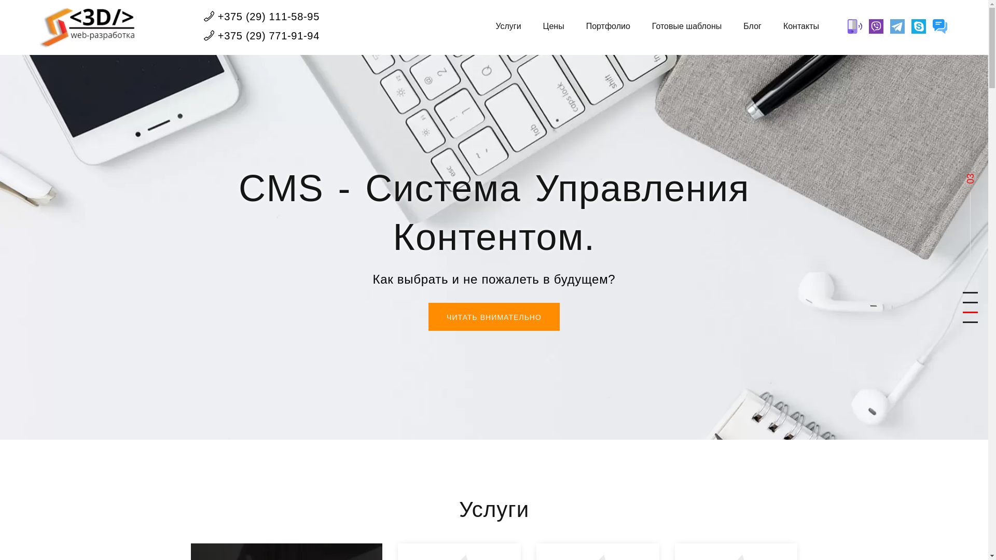 The width and height of the screenshot is (996, 560). Describe the element at coordinates (261, 16) in the screenshot. I see `'+375 (29) 111-58-95'` at that location.